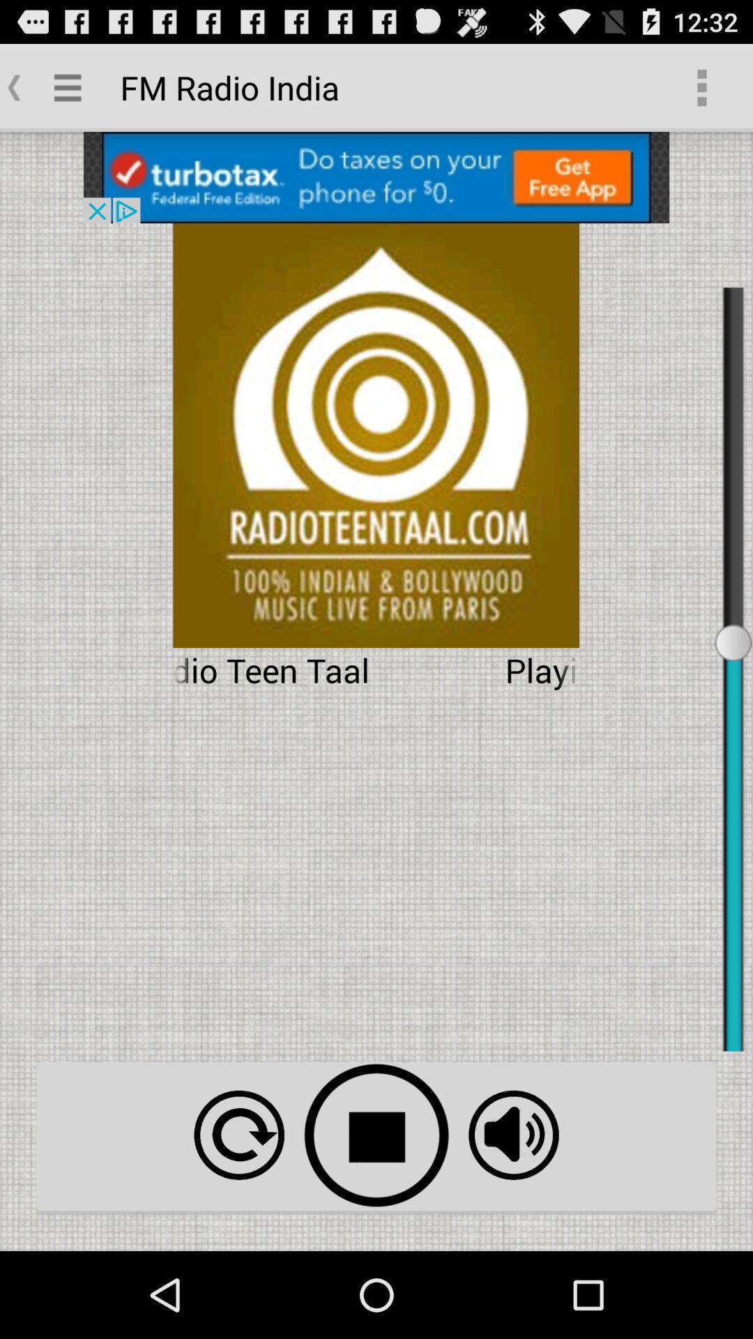 The image size is (753, 1339). What do you see at coordinates (238, 1135) in the screenshot?
I see `repeat` at bounding box center [238, 1135].